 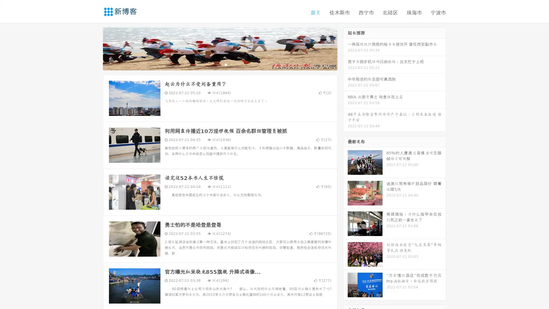 I want to click on Go to slide 1, so click(x=214, y=64).